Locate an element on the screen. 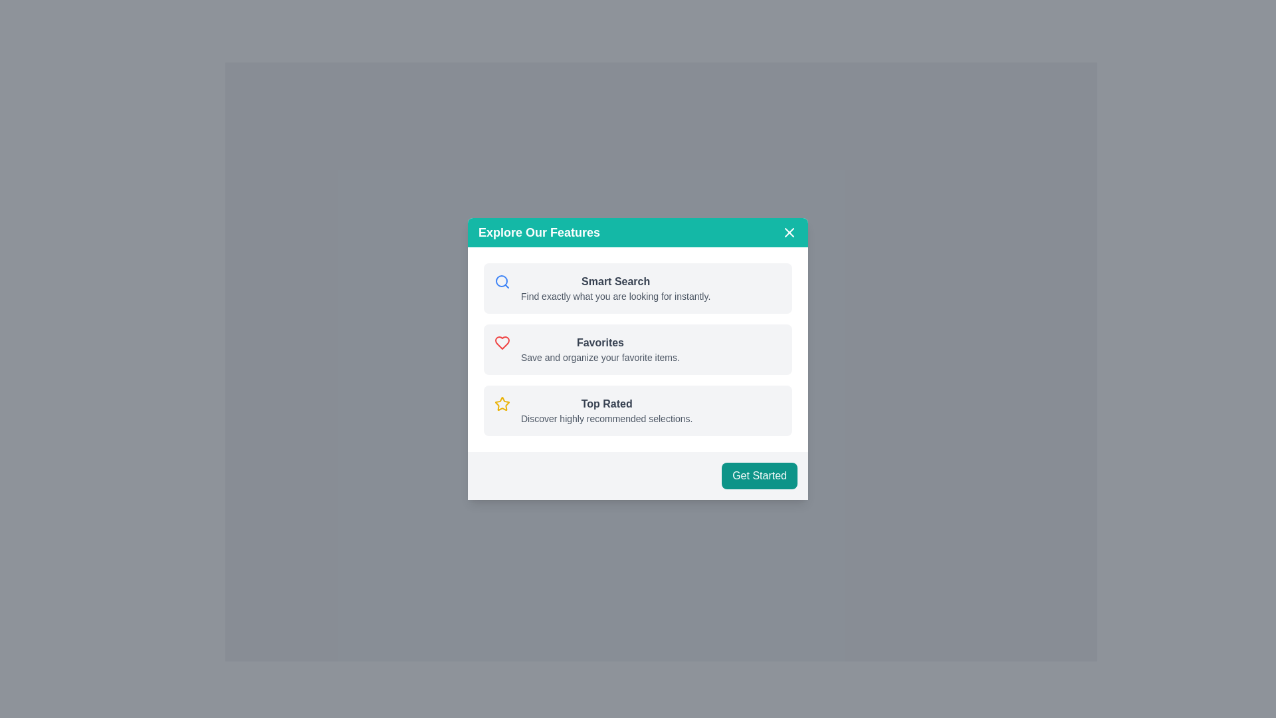  the 'Favorites' label, which is a bold text label in a darker shade located in the second section of a vertically stacked list in a modal window is located at coordinates (599, 342).